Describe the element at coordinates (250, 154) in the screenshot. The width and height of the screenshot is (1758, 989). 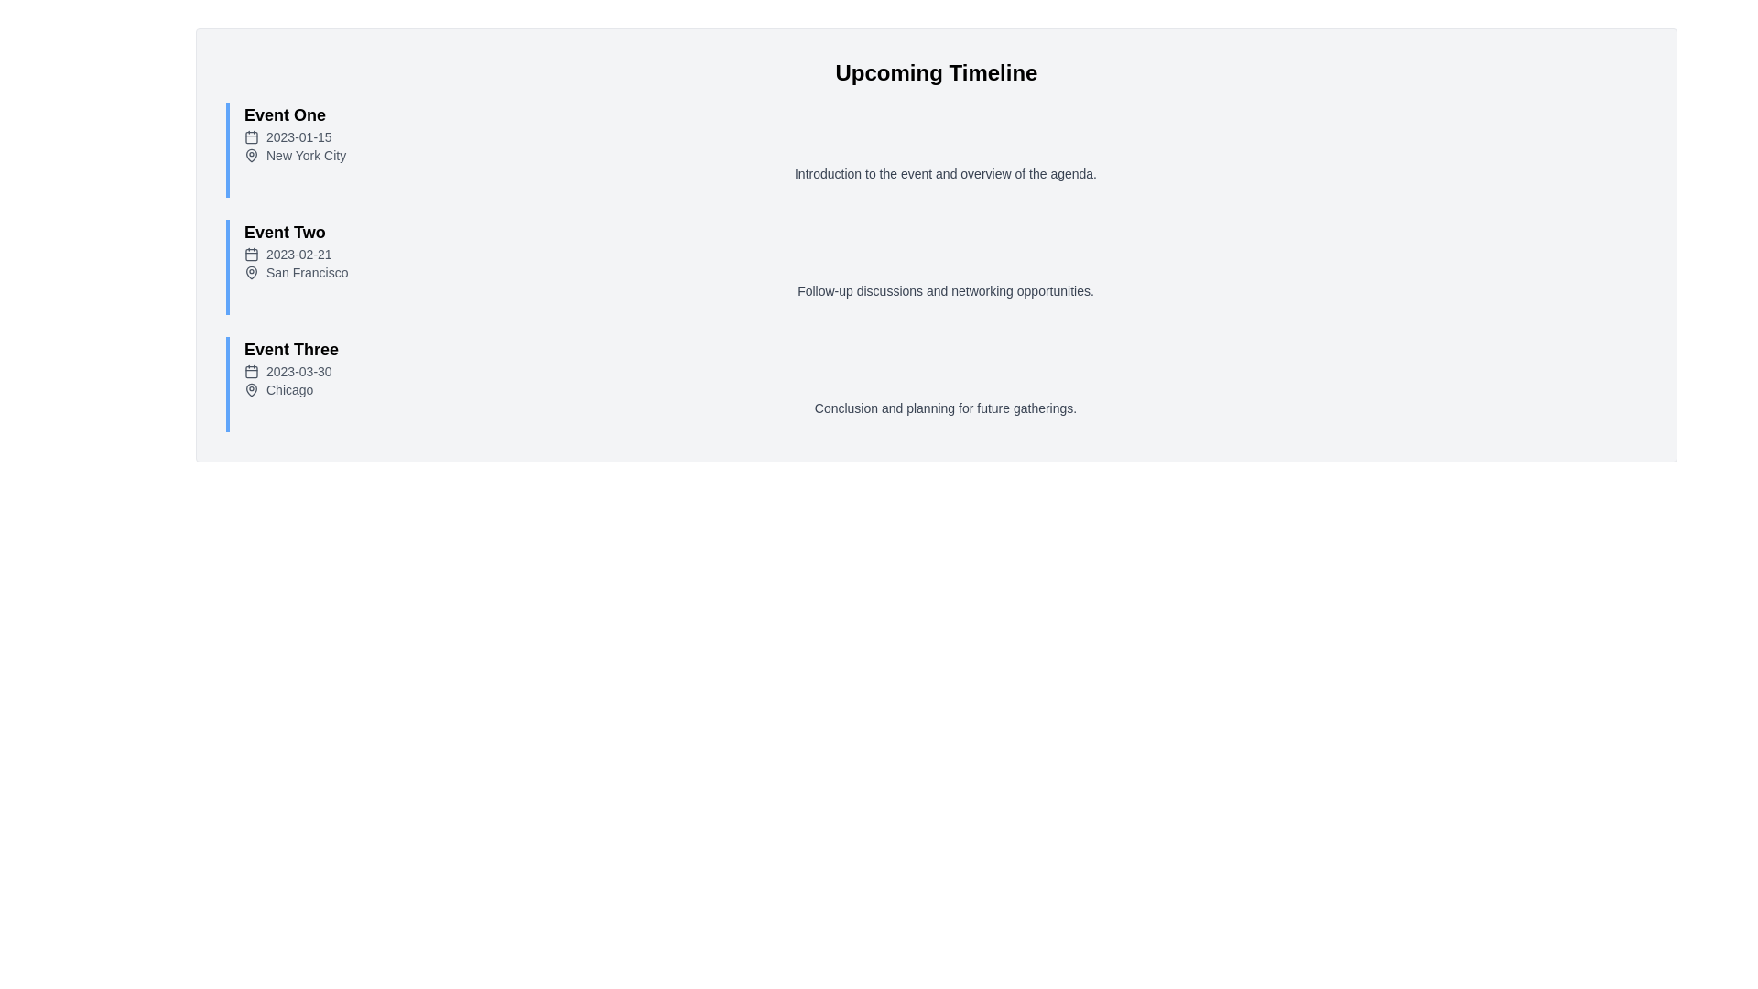
I see `the pin-shaped icon located to the left of the text 'New York City' in the 'Event One' section` at that location.